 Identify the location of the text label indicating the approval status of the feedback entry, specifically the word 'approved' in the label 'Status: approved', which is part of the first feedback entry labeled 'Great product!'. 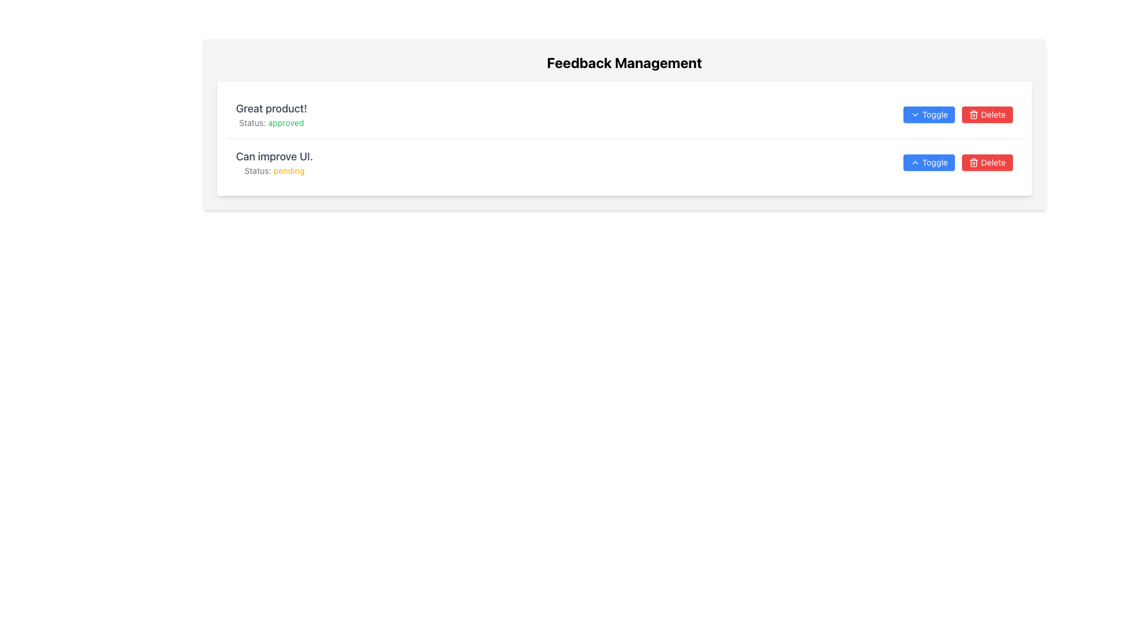
(286, 122).